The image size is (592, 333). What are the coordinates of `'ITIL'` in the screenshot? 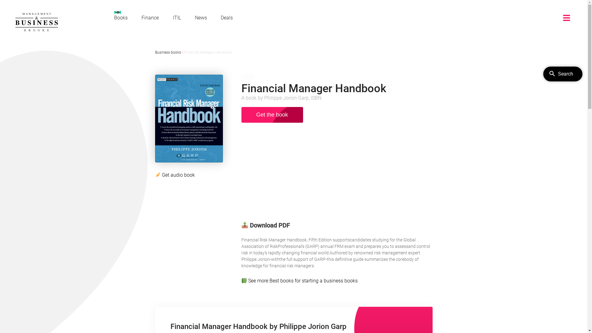 It's located at (177, 17).